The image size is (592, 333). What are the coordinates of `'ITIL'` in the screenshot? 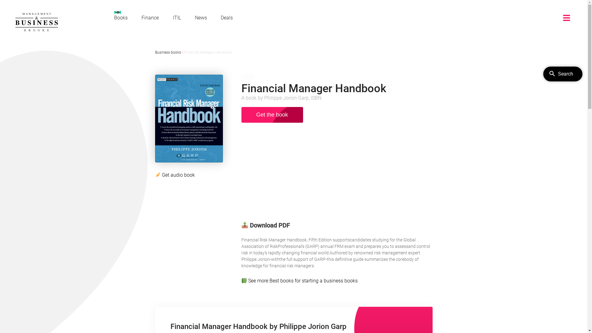 It's located at (177, 17).